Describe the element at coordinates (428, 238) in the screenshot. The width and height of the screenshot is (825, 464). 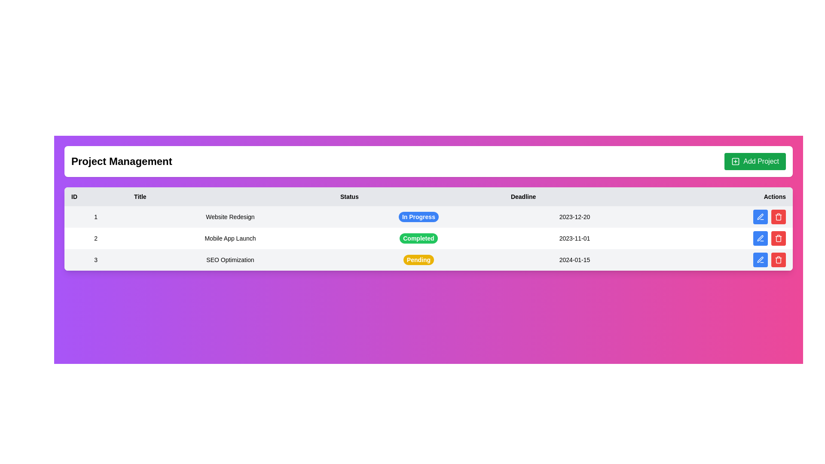
I see `the second row of the project entry table in the 'Project Management' section, which contains task details and action icons` at that location.